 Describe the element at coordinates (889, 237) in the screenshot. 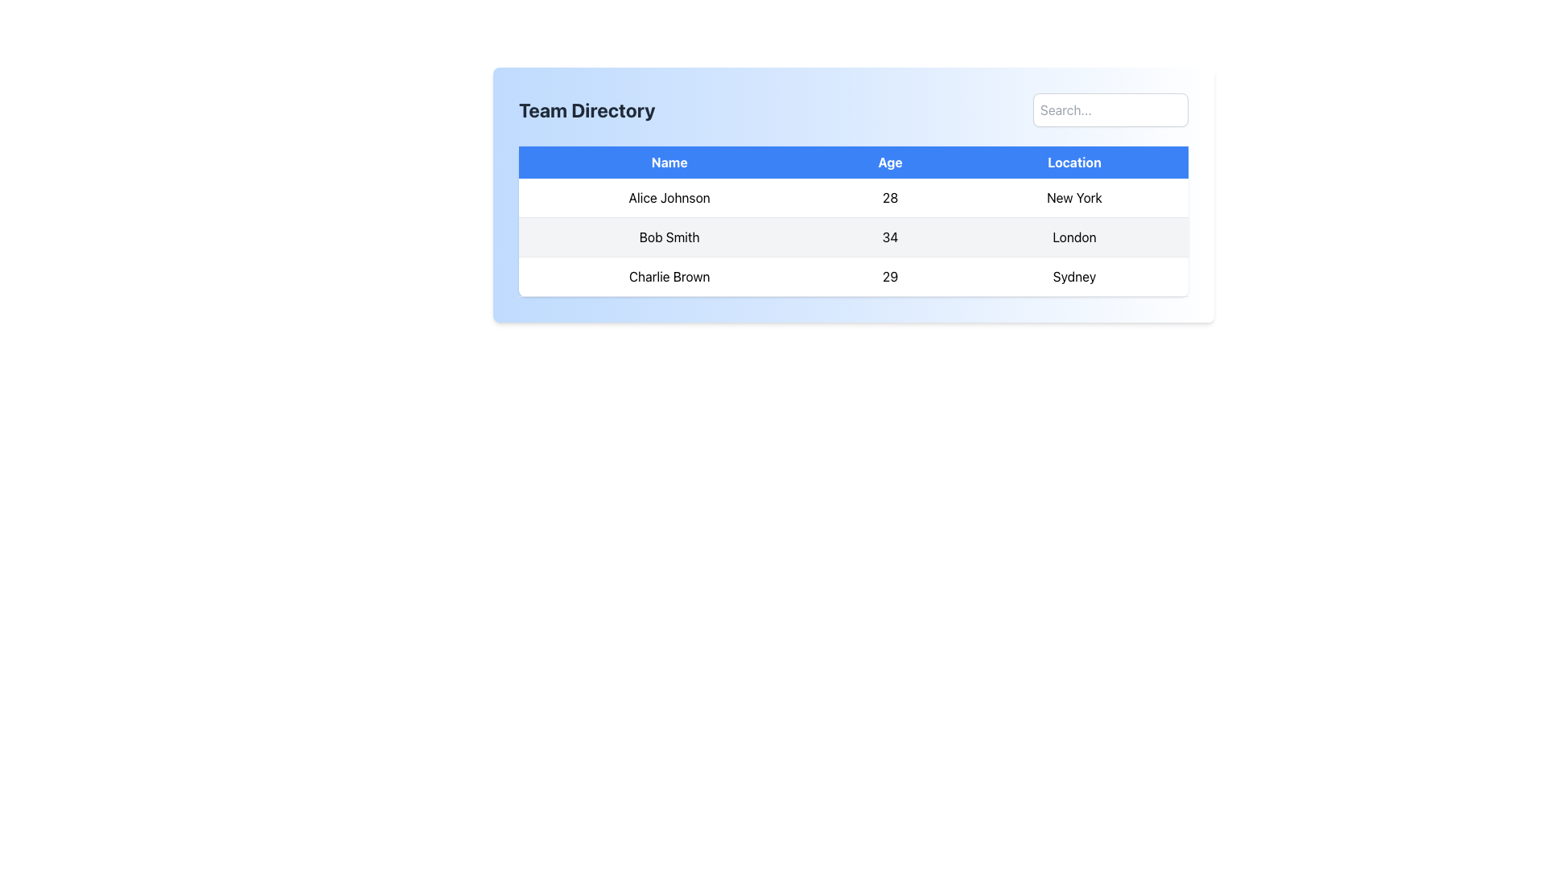

I see `the static text displaying the age of 'Bob Smith' located in the second row and second column of the table, positioned between 'Bob Smith' and 'London'` at that location.